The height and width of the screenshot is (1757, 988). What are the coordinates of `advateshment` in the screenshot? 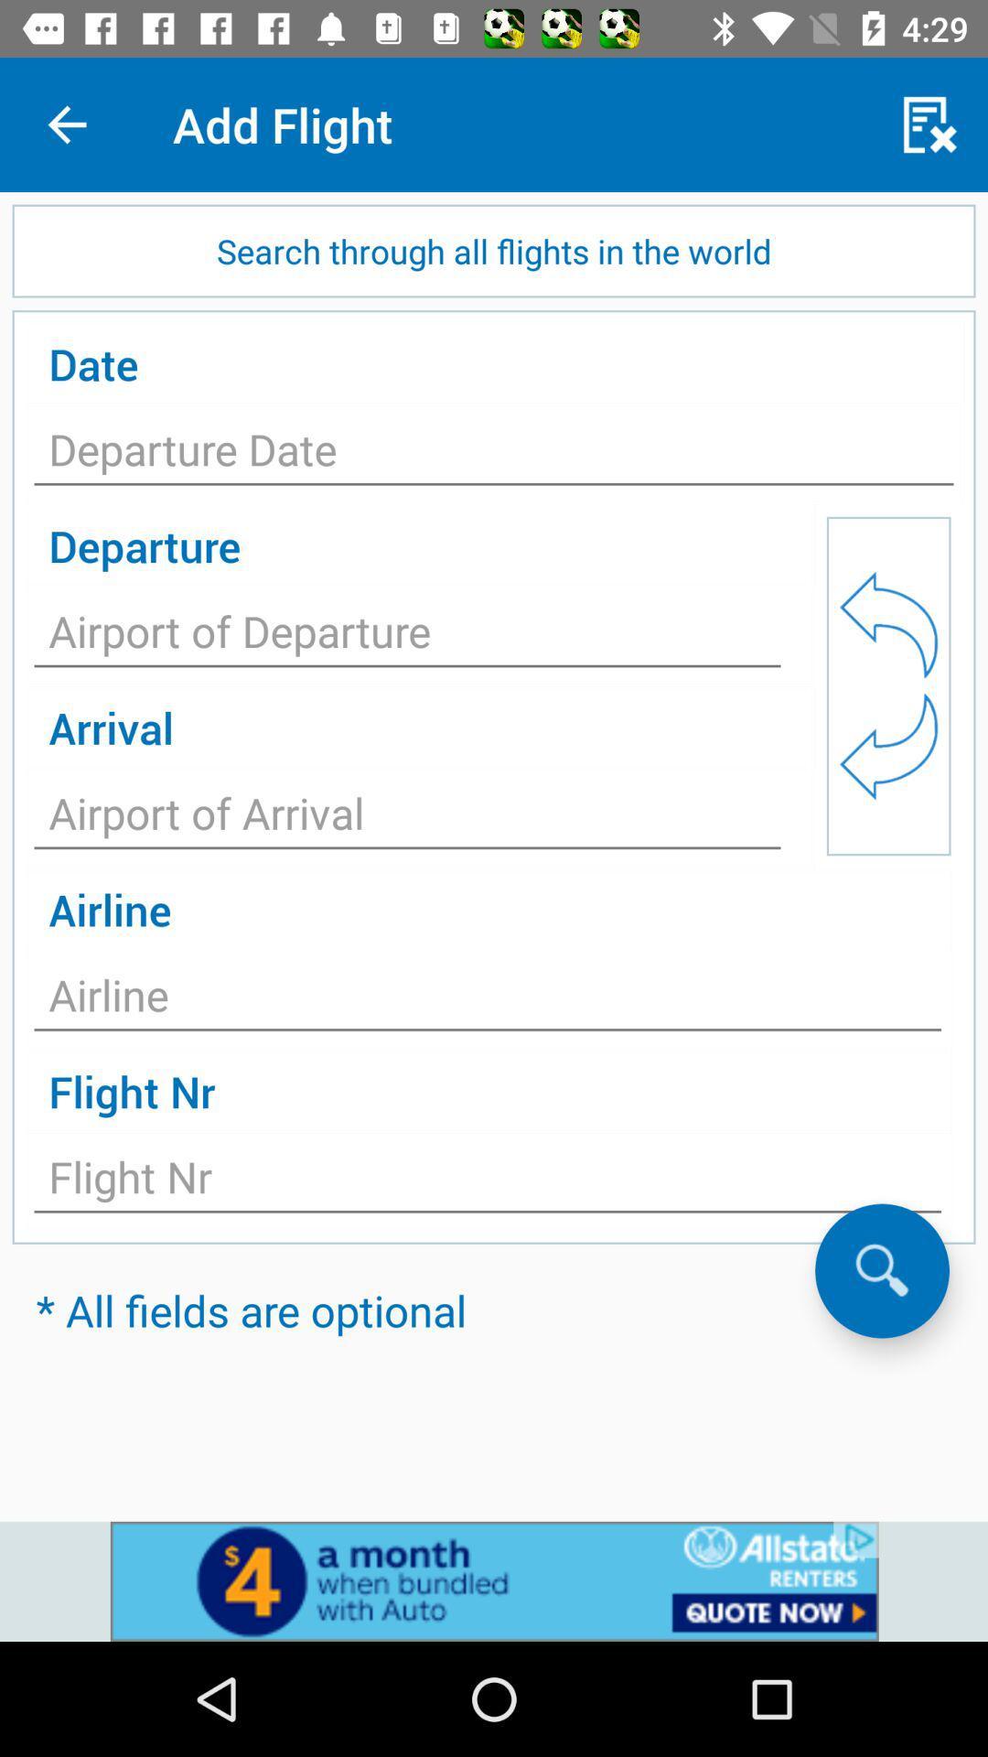 It's located at (494, 1580).